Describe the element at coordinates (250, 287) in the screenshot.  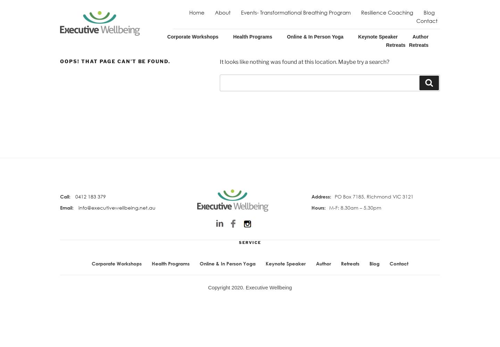
I see `'Copyright 2020. Executive Wellbeing'` at that location.